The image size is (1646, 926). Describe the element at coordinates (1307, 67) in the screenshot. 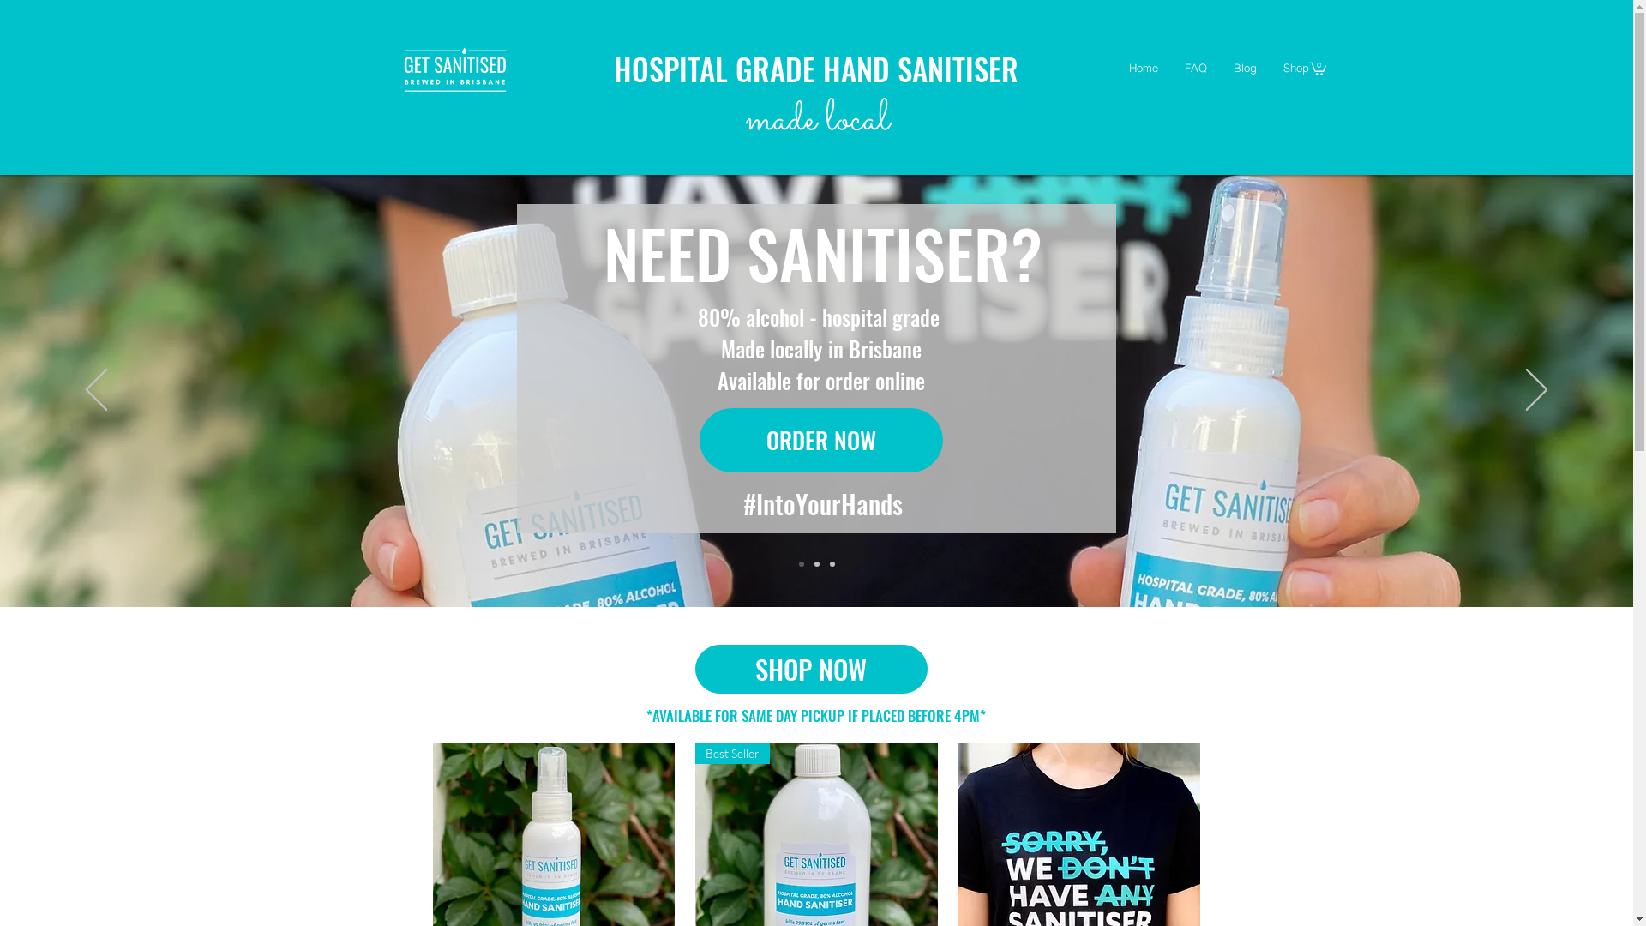

I see `'0'` at that location.